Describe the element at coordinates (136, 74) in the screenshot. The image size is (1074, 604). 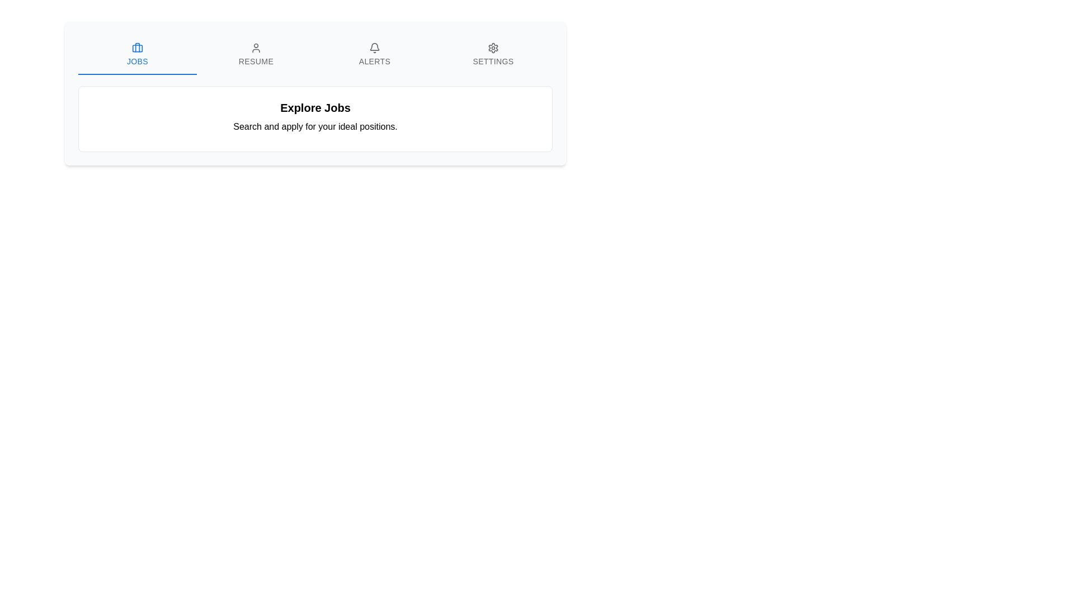
I see `the Indicator bar located beneath the 'Jobs' tab in the horizontal navigation menu` at that location.